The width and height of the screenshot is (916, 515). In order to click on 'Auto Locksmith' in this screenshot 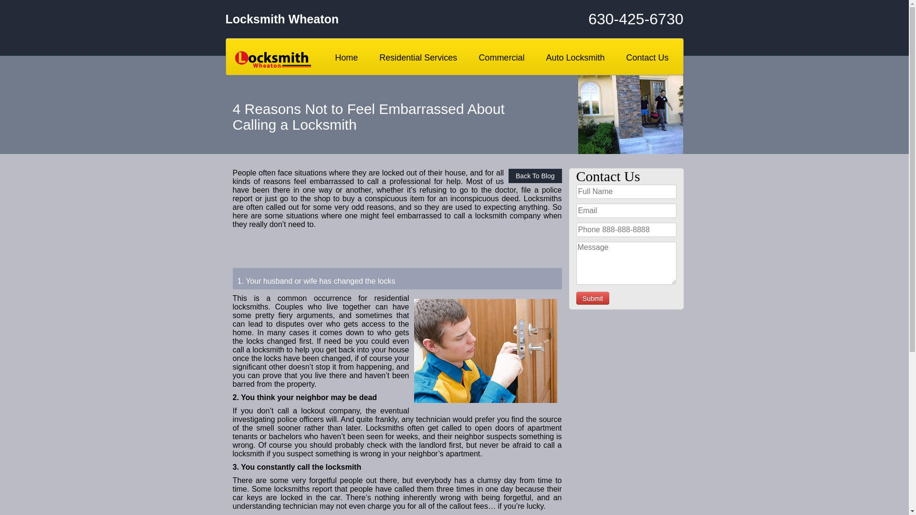, I will do `click(538, 57)`.